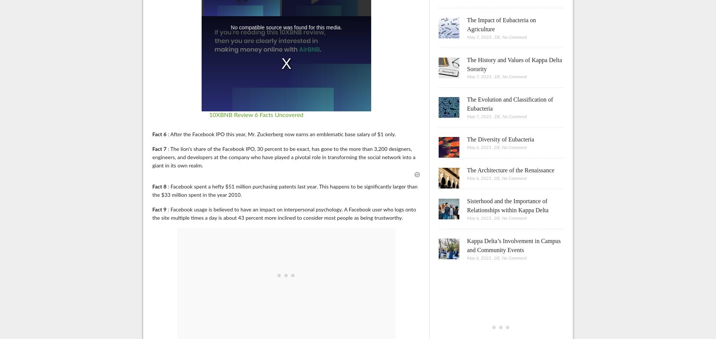 The image size is (716, 339). I want to click on 'The Architecture of the Renaissance', so click(510, 170).